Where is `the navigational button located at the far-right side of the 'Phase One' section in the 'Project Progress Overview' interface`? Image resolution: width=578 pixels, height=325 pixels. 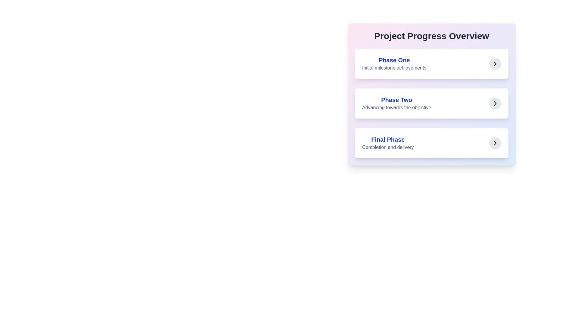 the navigational button located at the far-right side of the 'Phase One' section in the 'Project Progress Overview' interface is located at coordinates (495, 64).